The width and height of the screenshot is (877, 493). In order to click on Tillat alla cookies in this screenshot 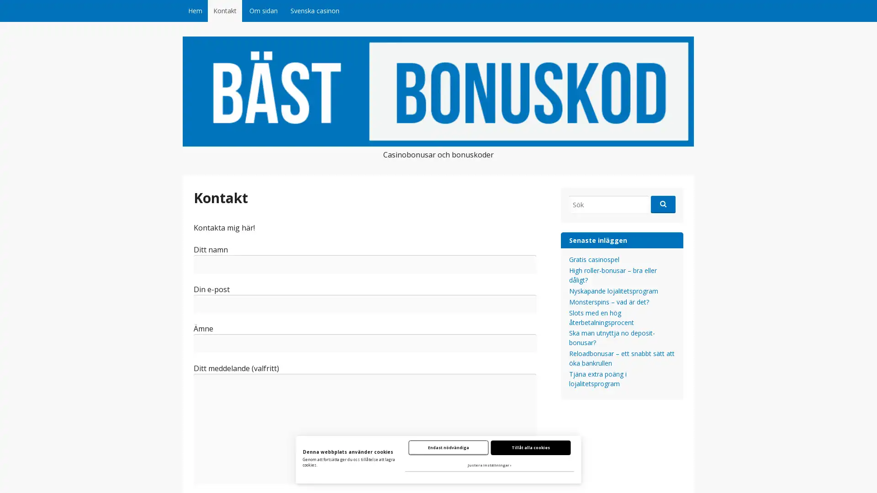, I will do `click(530, 447)`.